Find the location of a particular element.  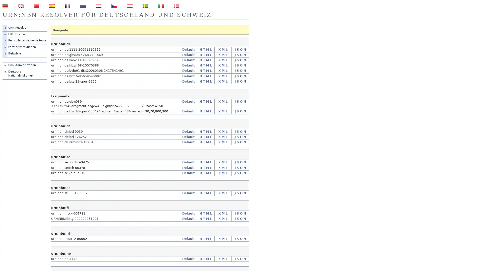

tr is located at coordinates (36, 6).